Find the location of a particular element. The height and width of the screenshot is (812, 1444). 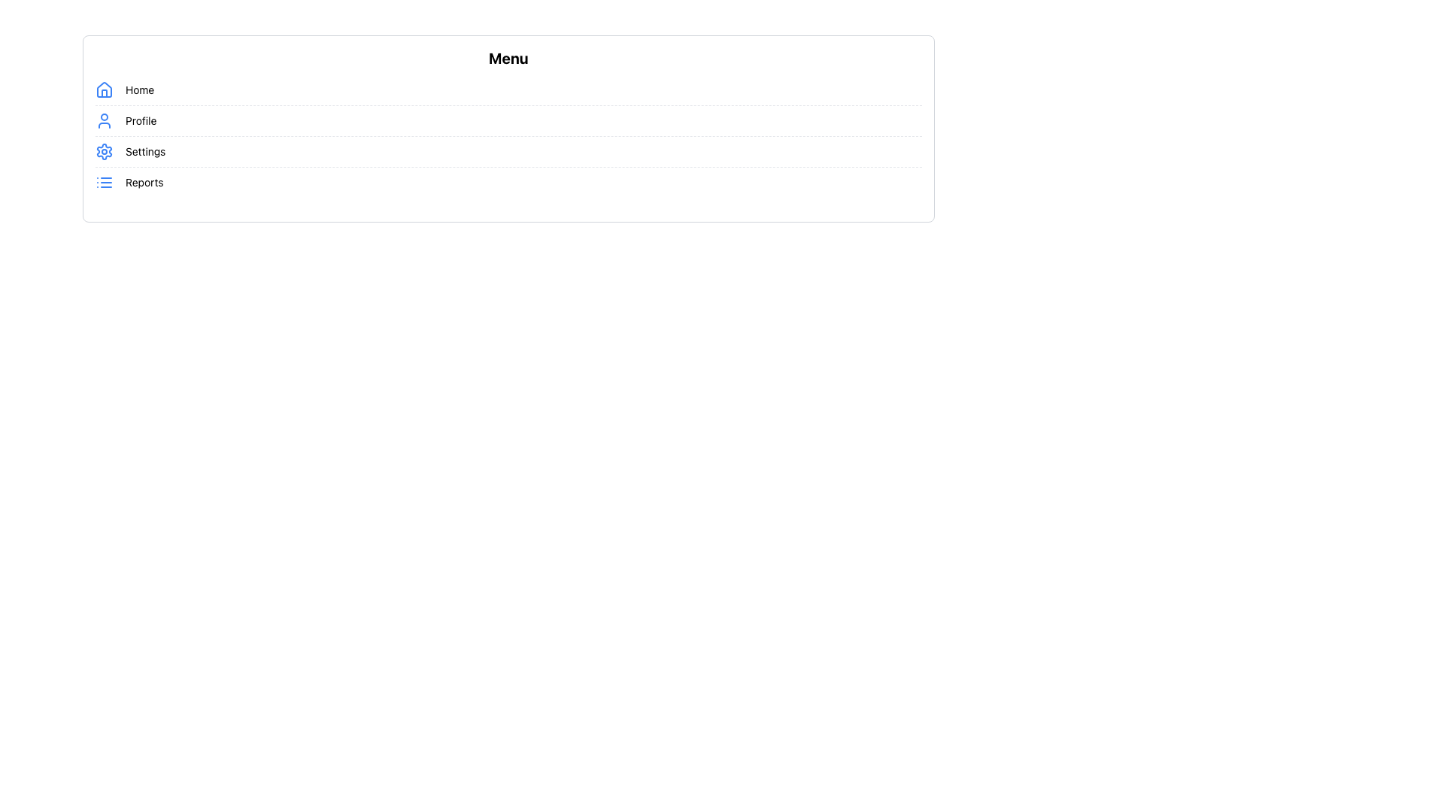

text label for the 'Profile' menu item, which is the second option in the vertical navigation menu is located at coordinates (141, 120).